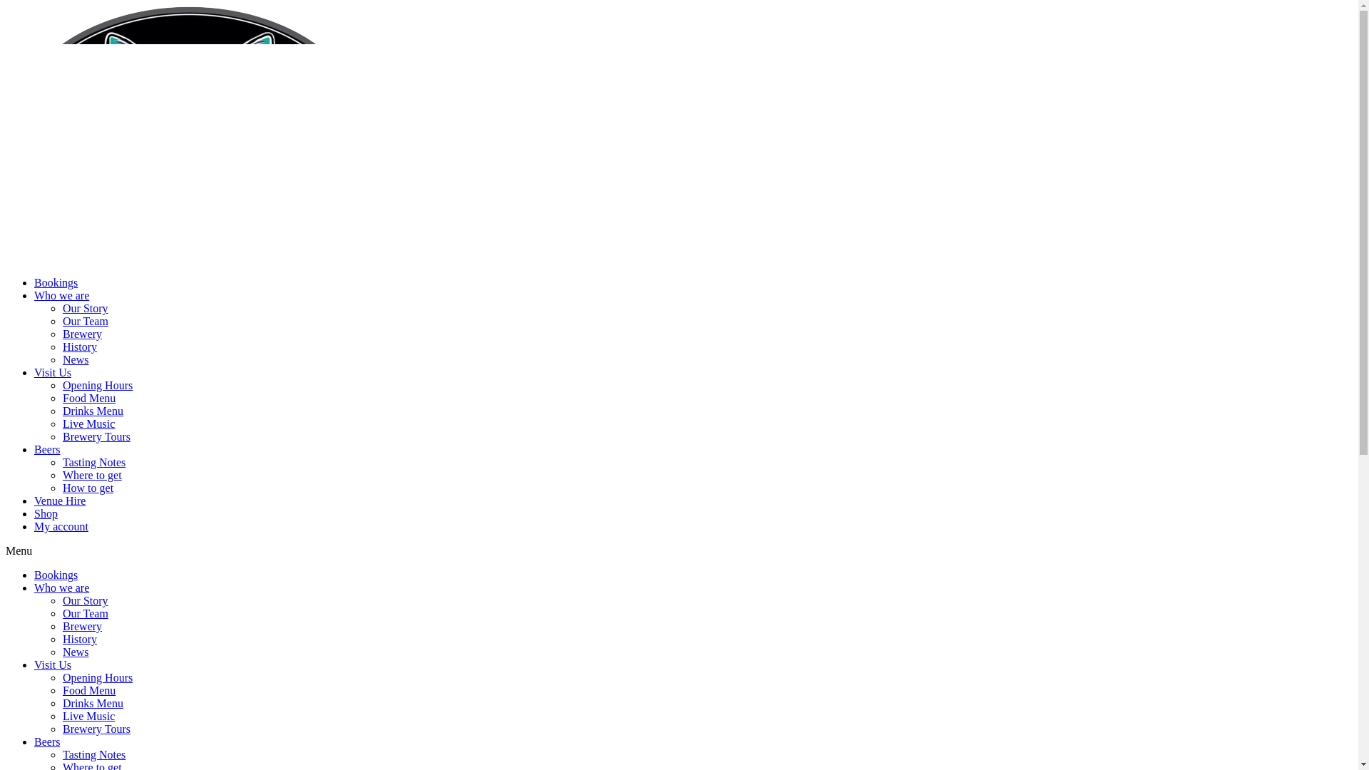 Image resolution: width=1369 pixels, height=770 pixels. What do you see at coordinates (88, 716) in the screenshot?
I see `'Live Music'` at bounding box center [88, 716].